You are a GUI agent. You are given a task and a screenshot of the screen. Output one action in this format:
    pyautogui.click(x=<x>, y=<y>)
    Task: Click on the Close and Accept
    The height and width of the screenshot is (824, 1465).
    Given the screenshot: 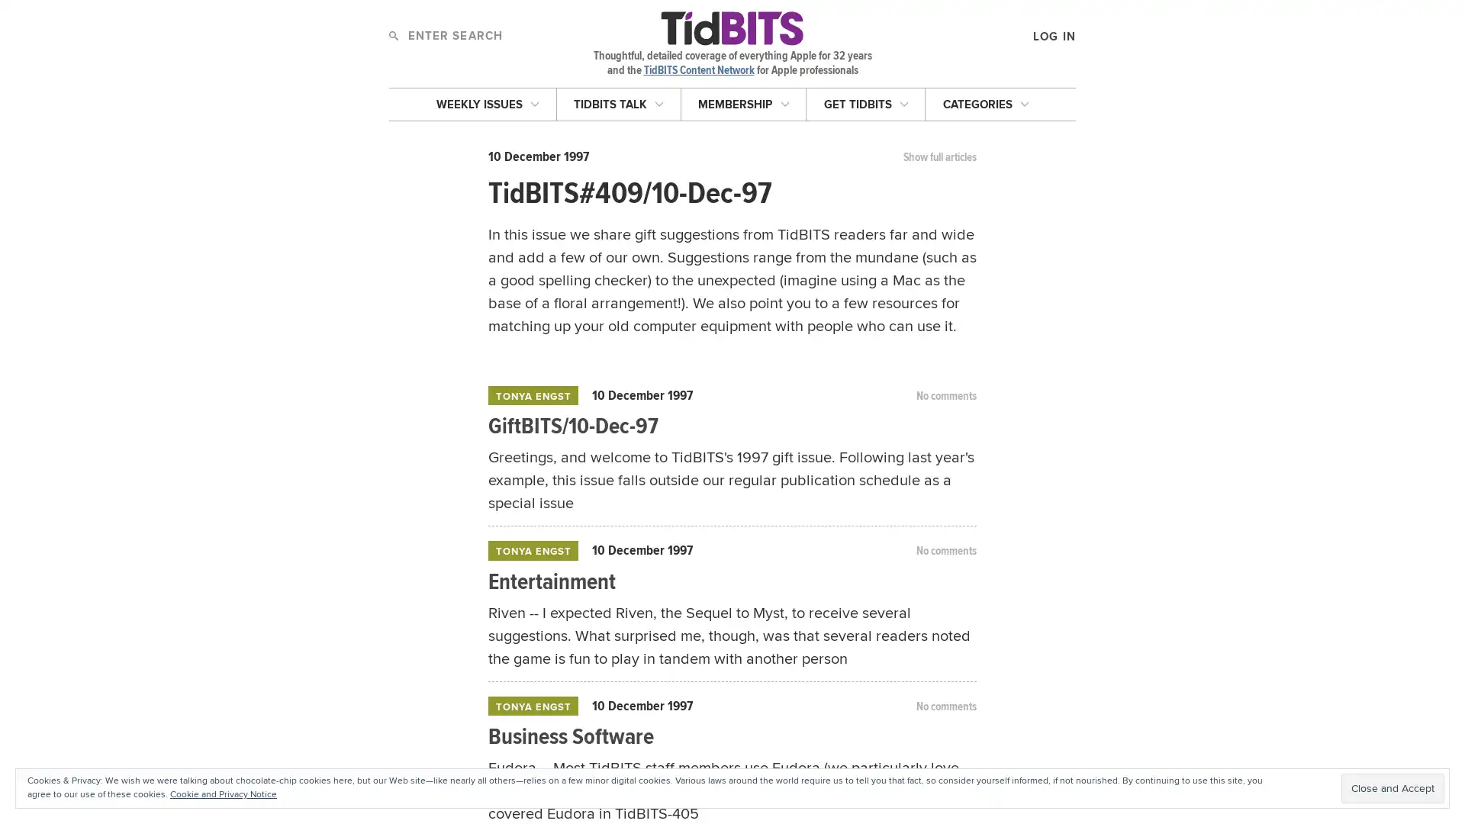 What is the action you would take?
    pyautogui.click(x=1393, y=788)
    